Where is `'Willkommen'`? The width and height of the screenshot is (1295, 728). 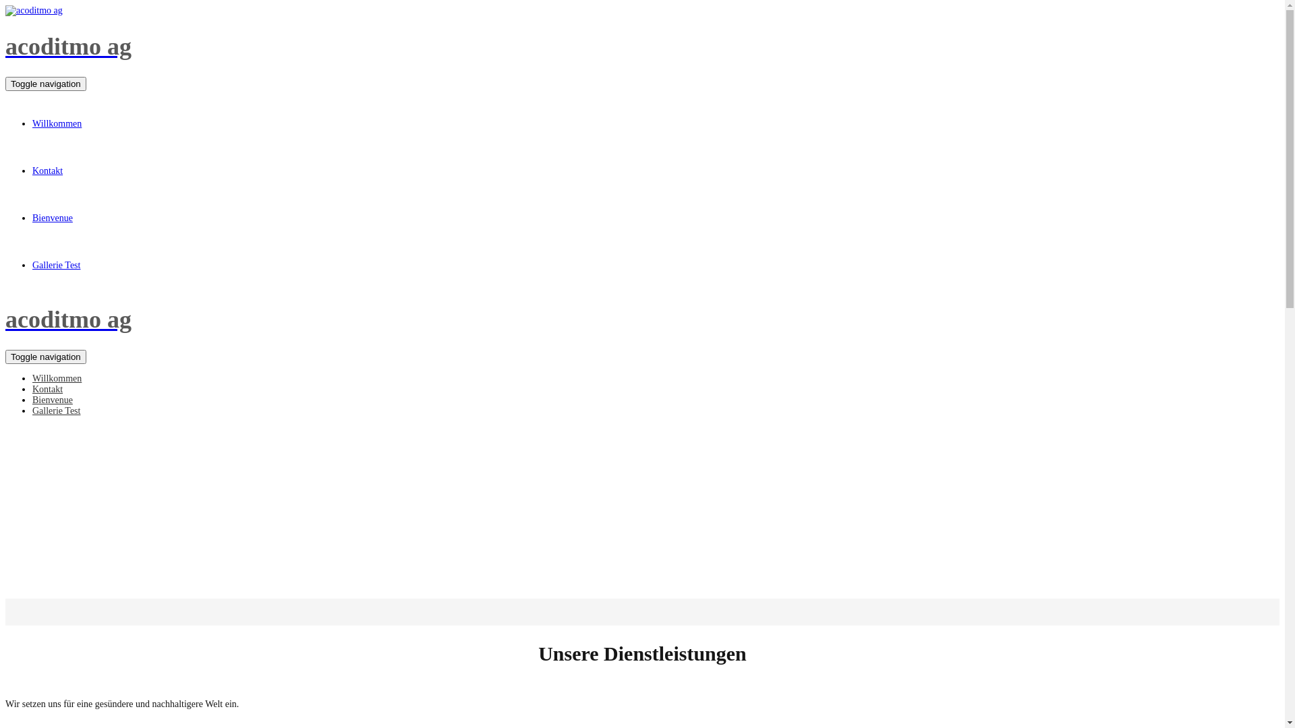
'Willkommen' is located at coordinates (56, 379).